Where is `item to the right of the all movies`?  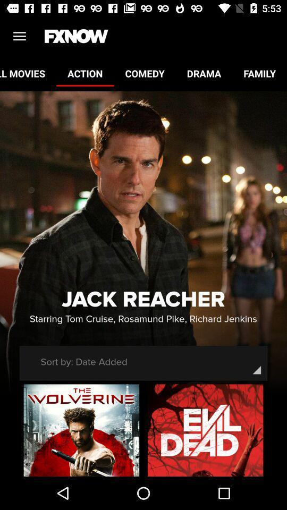 item to the right of the all movies is located at coordinates (85, 73).